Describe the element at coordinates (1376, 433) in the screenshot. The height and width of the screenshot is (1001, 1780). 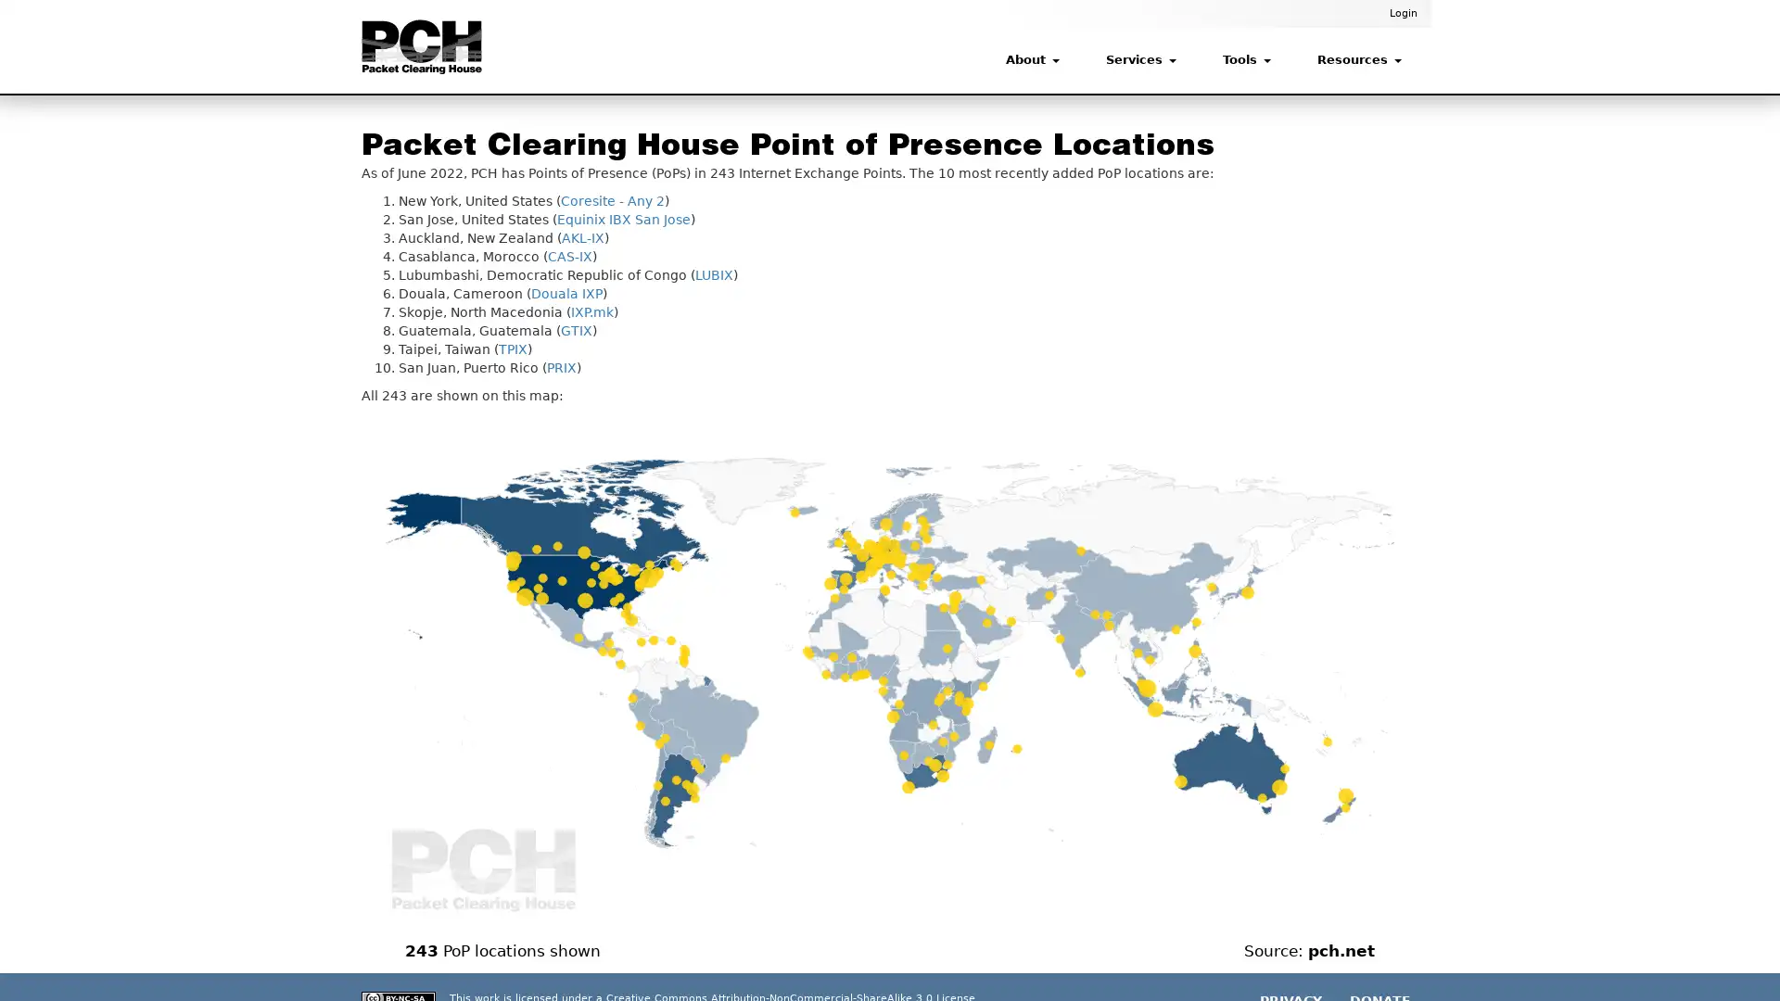
I see `Download` at that location.